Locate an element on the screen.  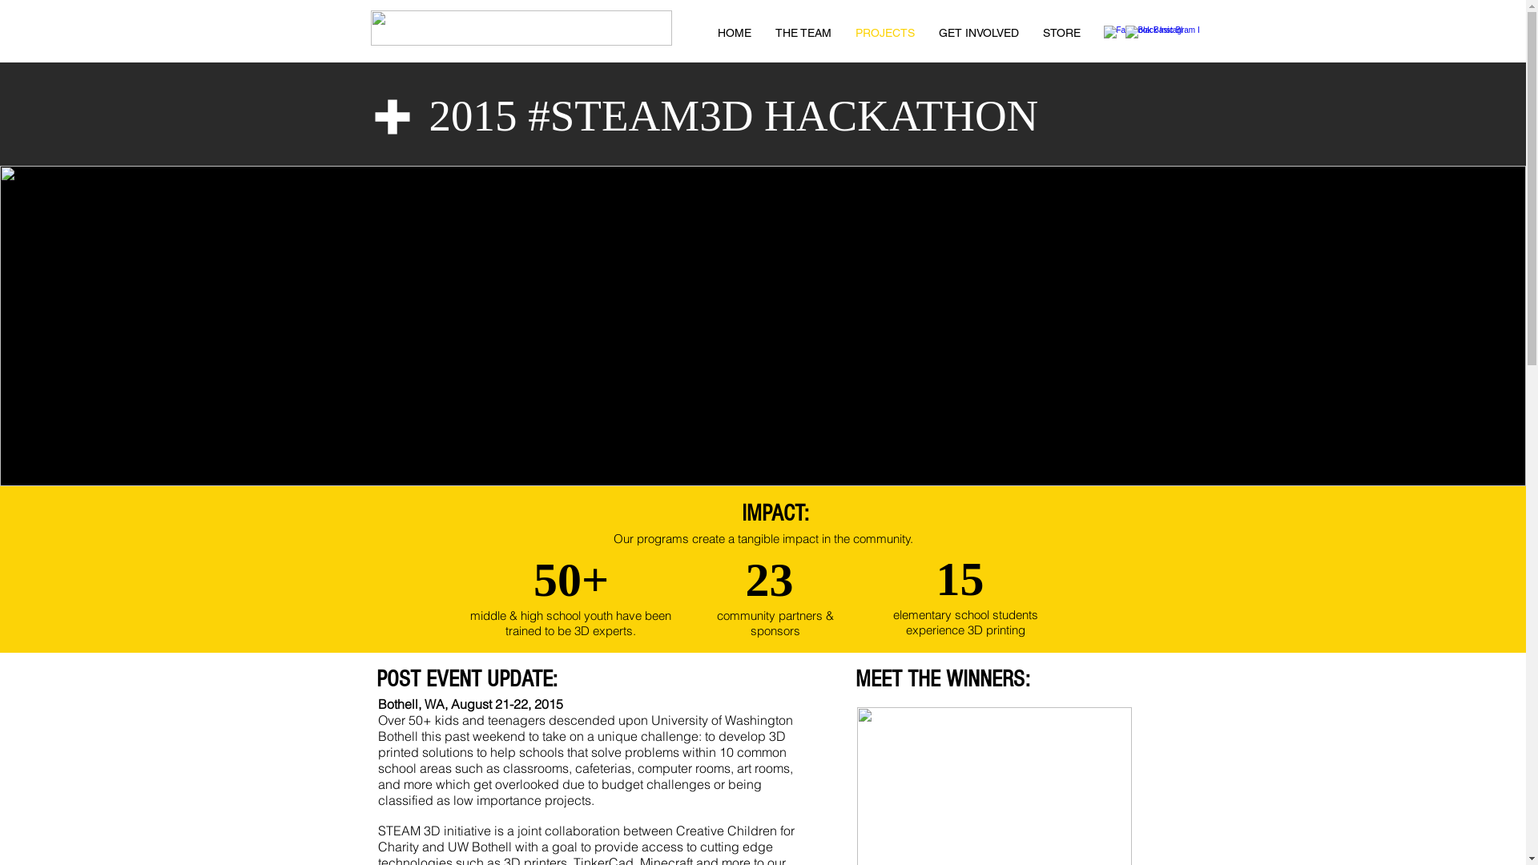
'PROJECTS' is located at coordinates (884, 33).